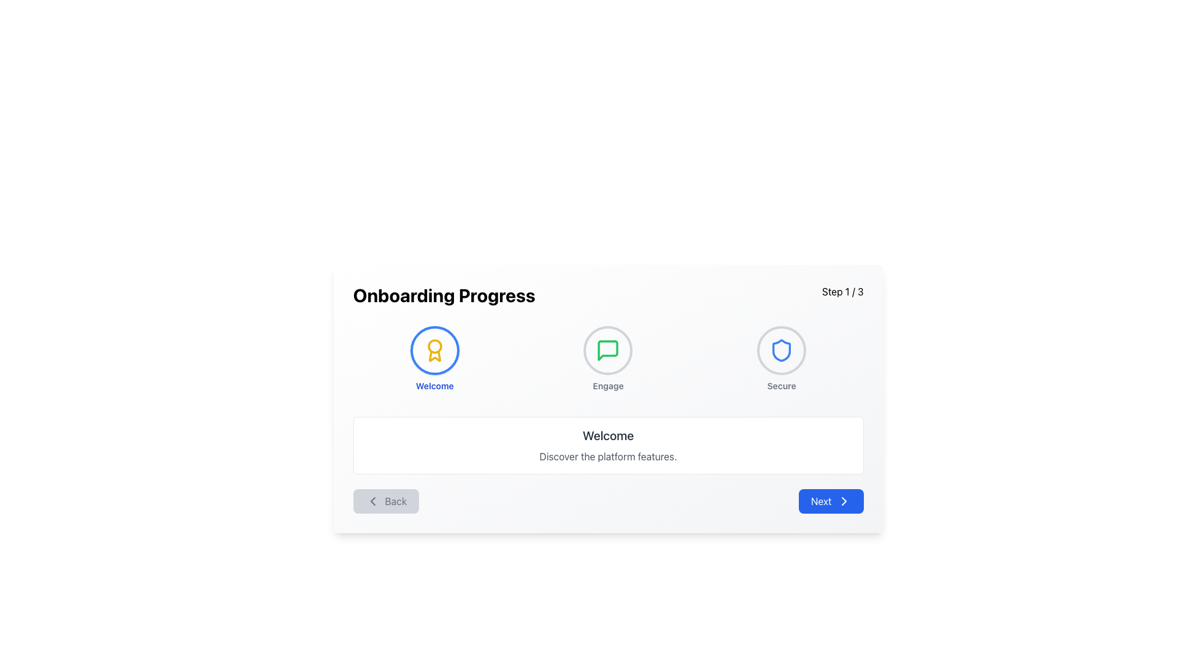  I want to click on the 'Back' button which contains a left-facing chevron SVG icon to invoke the associated action, so click(372, 501).